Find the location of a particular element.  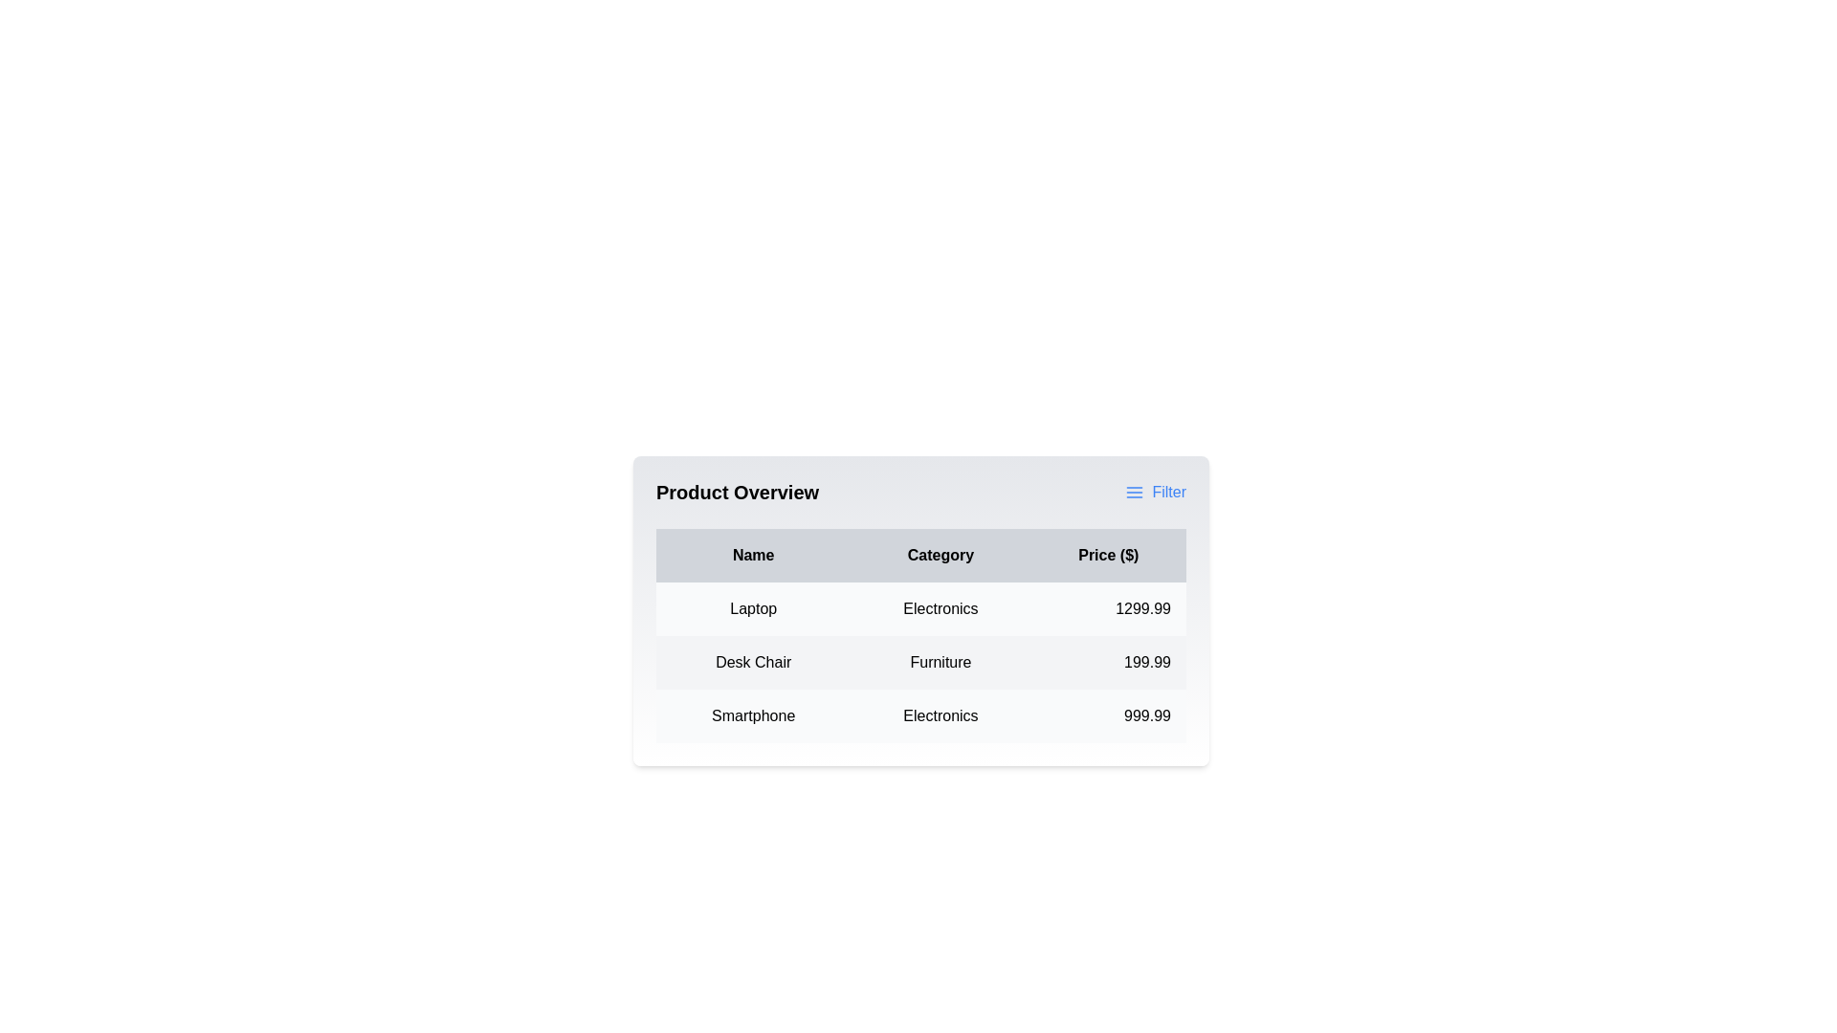

the small icon resembling three horizontal lines, located to the left of the 'Filter' label in the top-right corner of the data table interface is located at coordinates (1135, 492).